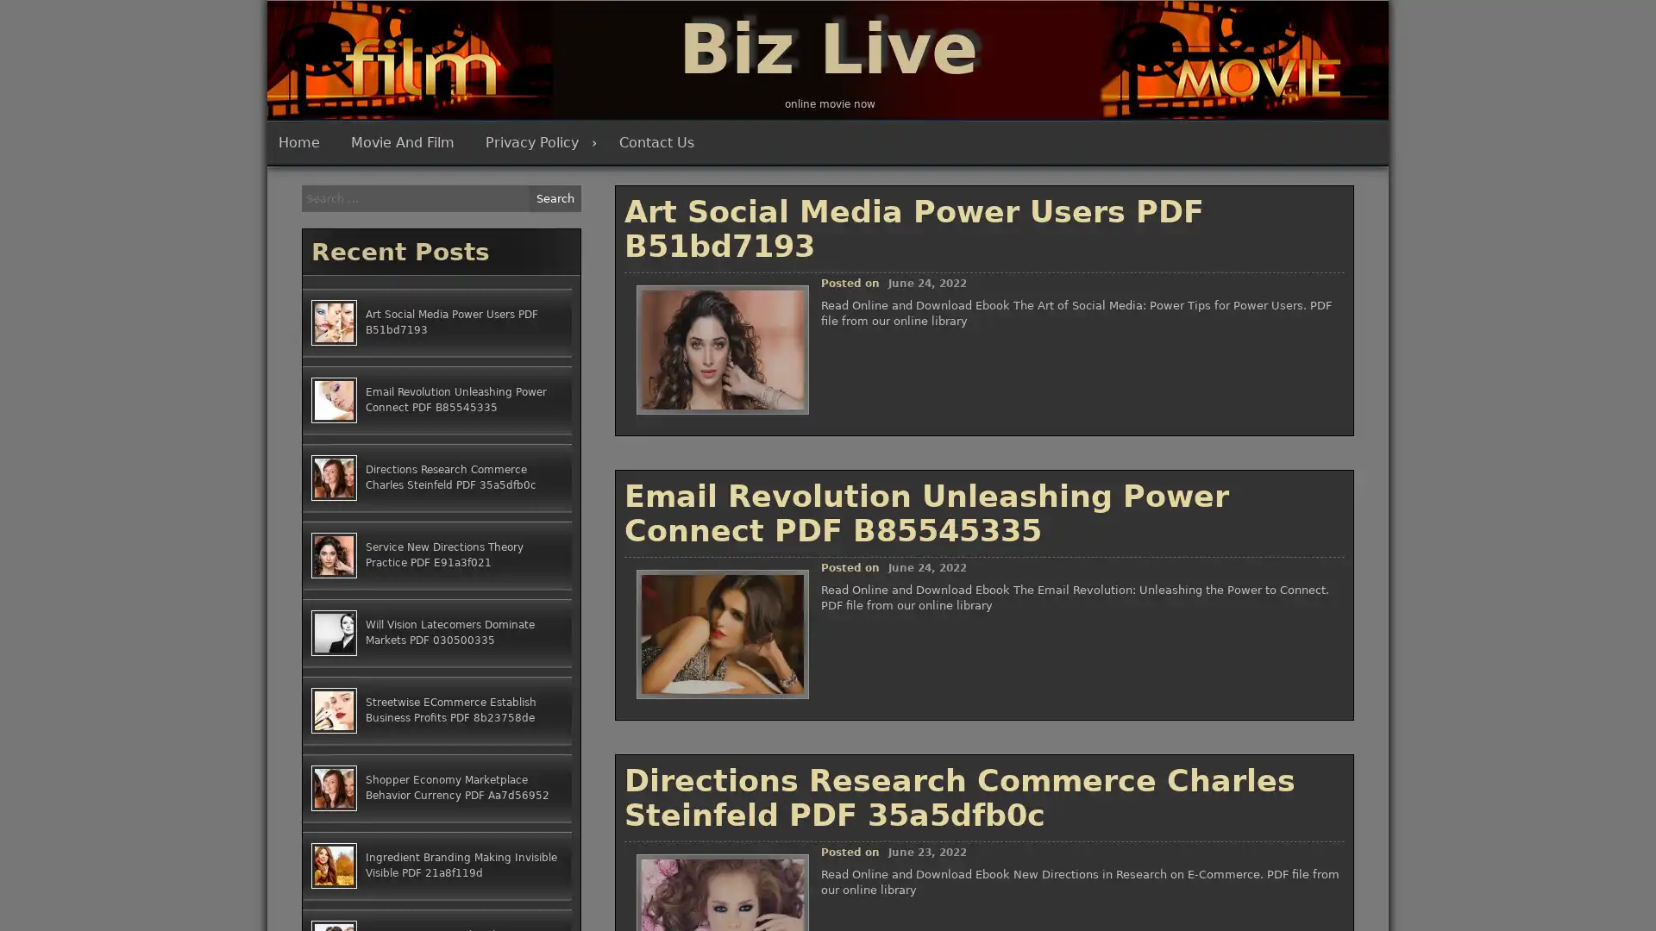  What do you see at coordinates (555, 197) in the screenshot?
I see `Search` at bounding box center [555, 197].